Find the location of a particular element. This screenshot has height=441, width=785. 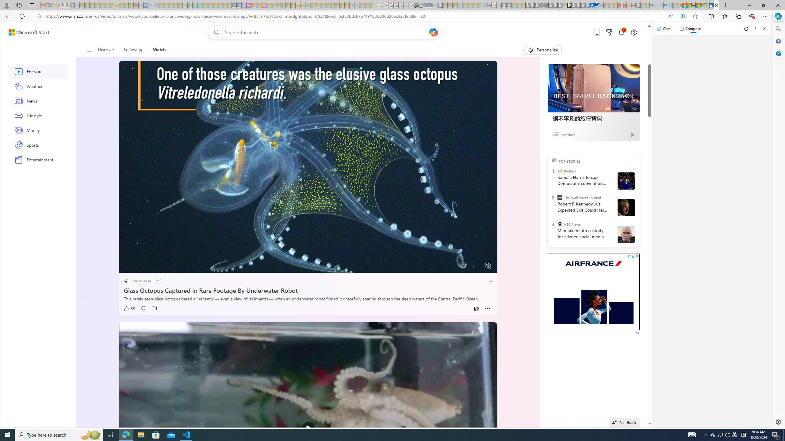

'ABC News' is located at coordinates (560, 224).